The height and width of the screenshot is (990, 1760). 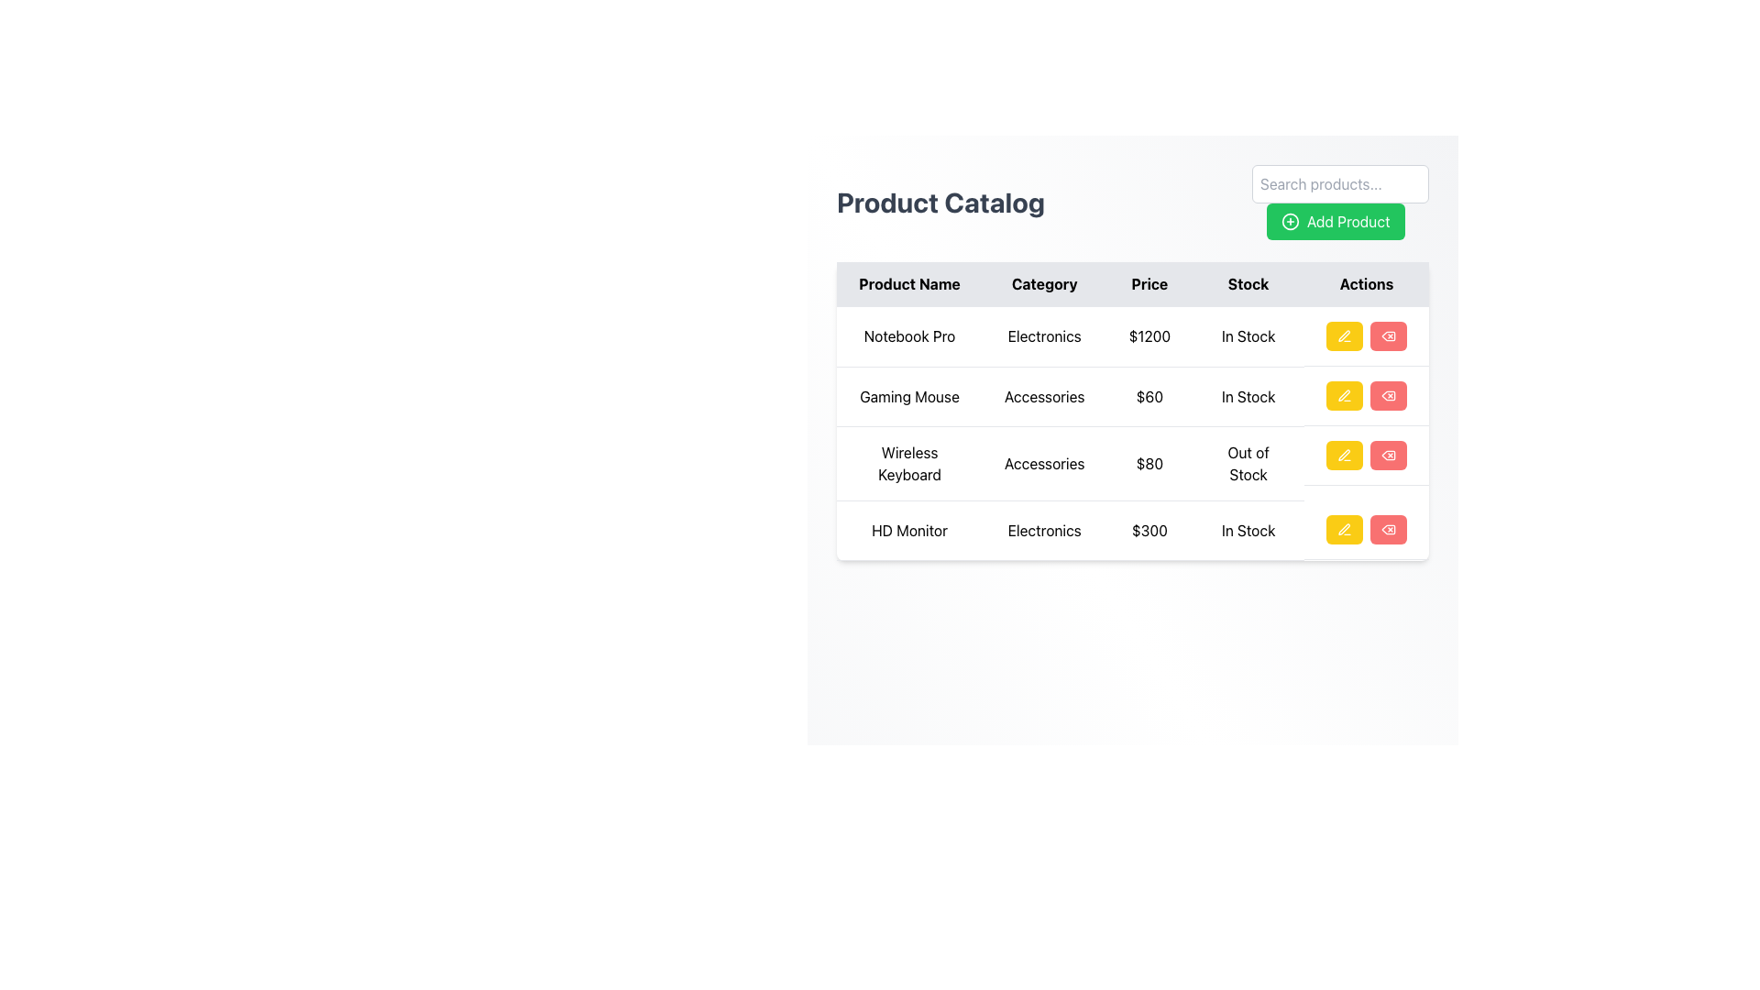 I want to click on information presented in the Text Label displaying 'Notebook Pro', located in the first cell of the table's first data row under the 'Product Name' column, so click(x=909, y=336).